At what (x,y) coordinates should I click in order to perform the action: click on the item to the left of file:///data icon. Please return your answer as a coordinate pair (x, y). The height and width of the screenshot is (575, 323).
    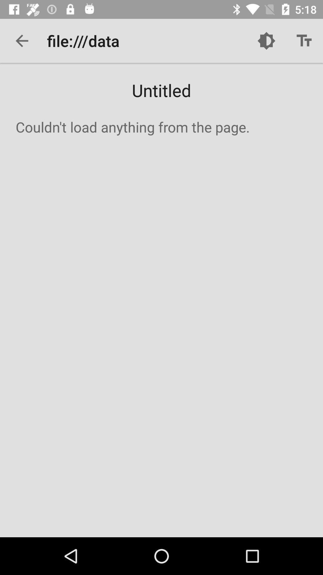
    Looking at the image, I should click on (22, 40).